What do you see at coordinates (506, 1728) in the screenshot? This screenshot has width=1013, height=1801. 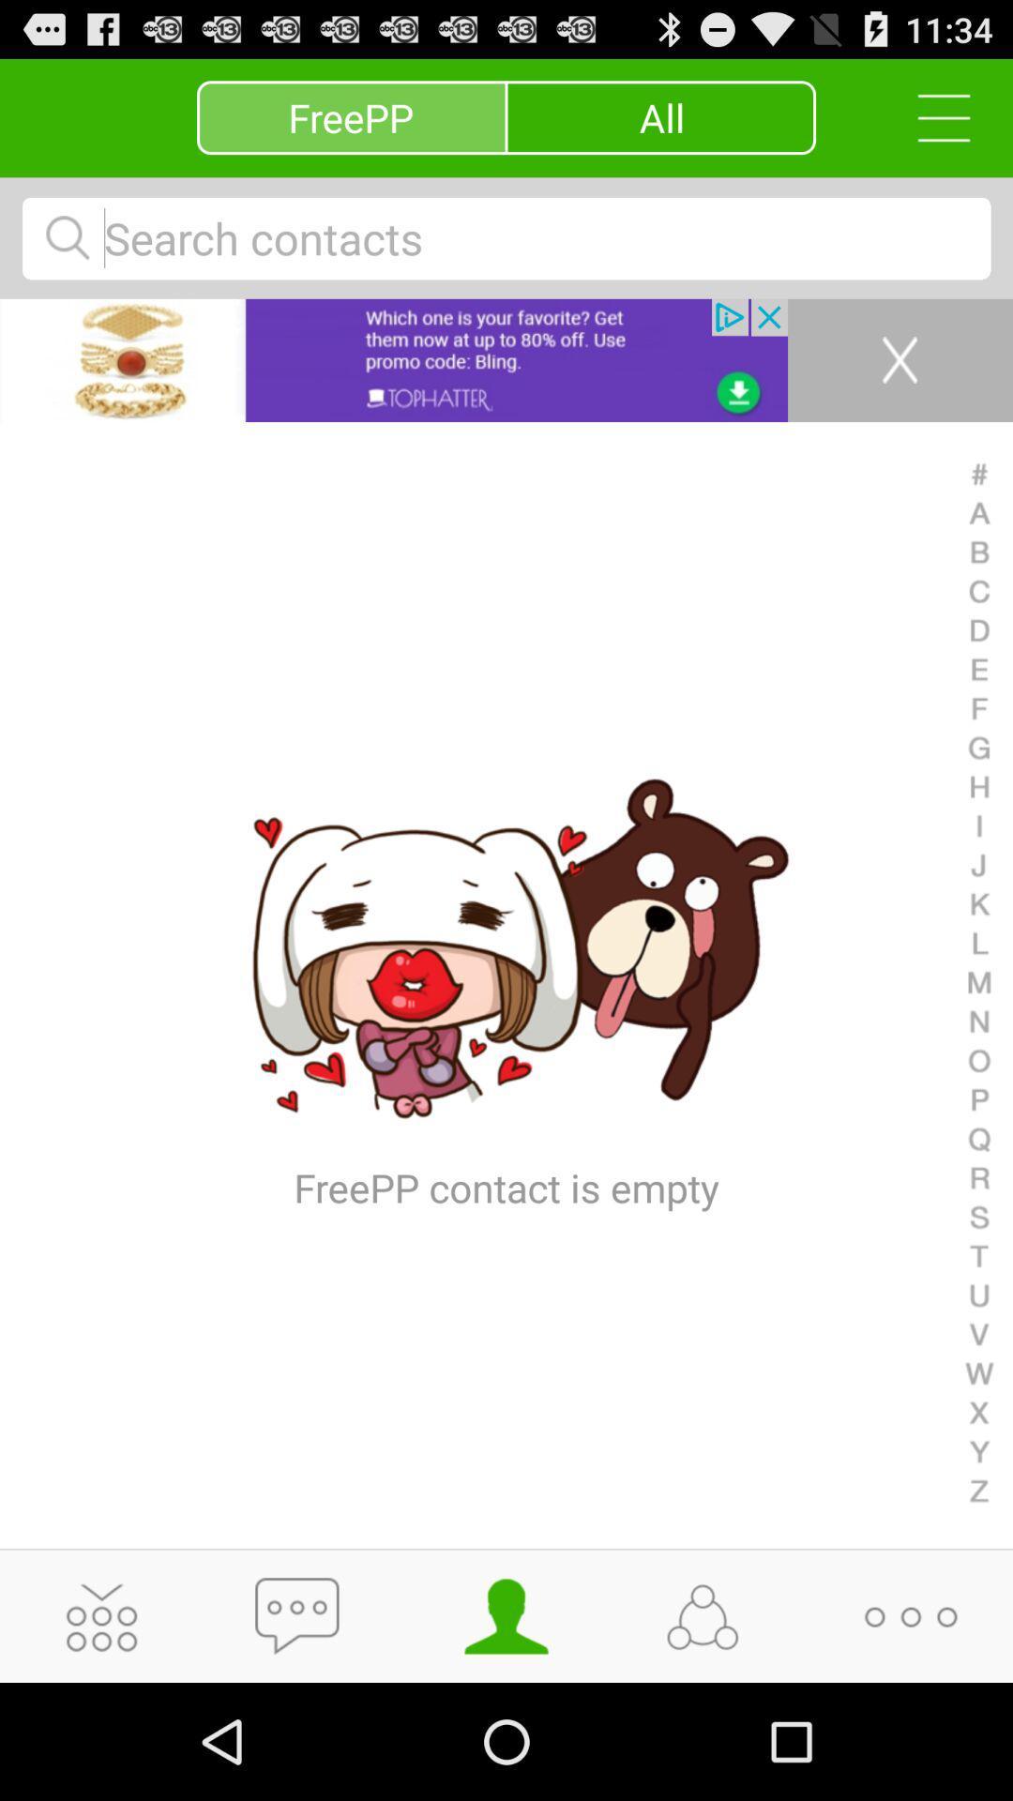 I see `the avatar icon` at bounding box center [506, 1728].